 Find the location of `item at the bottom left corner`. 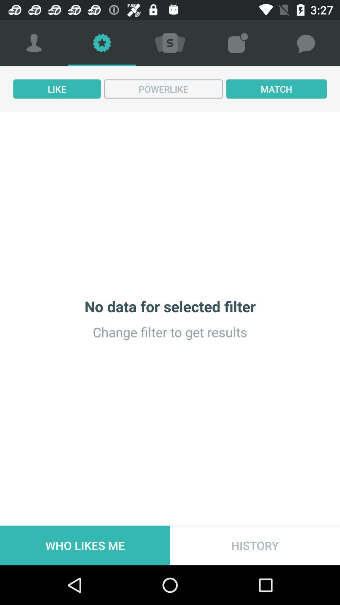

item at the bottom left corner is located at coordinates (85, 545).